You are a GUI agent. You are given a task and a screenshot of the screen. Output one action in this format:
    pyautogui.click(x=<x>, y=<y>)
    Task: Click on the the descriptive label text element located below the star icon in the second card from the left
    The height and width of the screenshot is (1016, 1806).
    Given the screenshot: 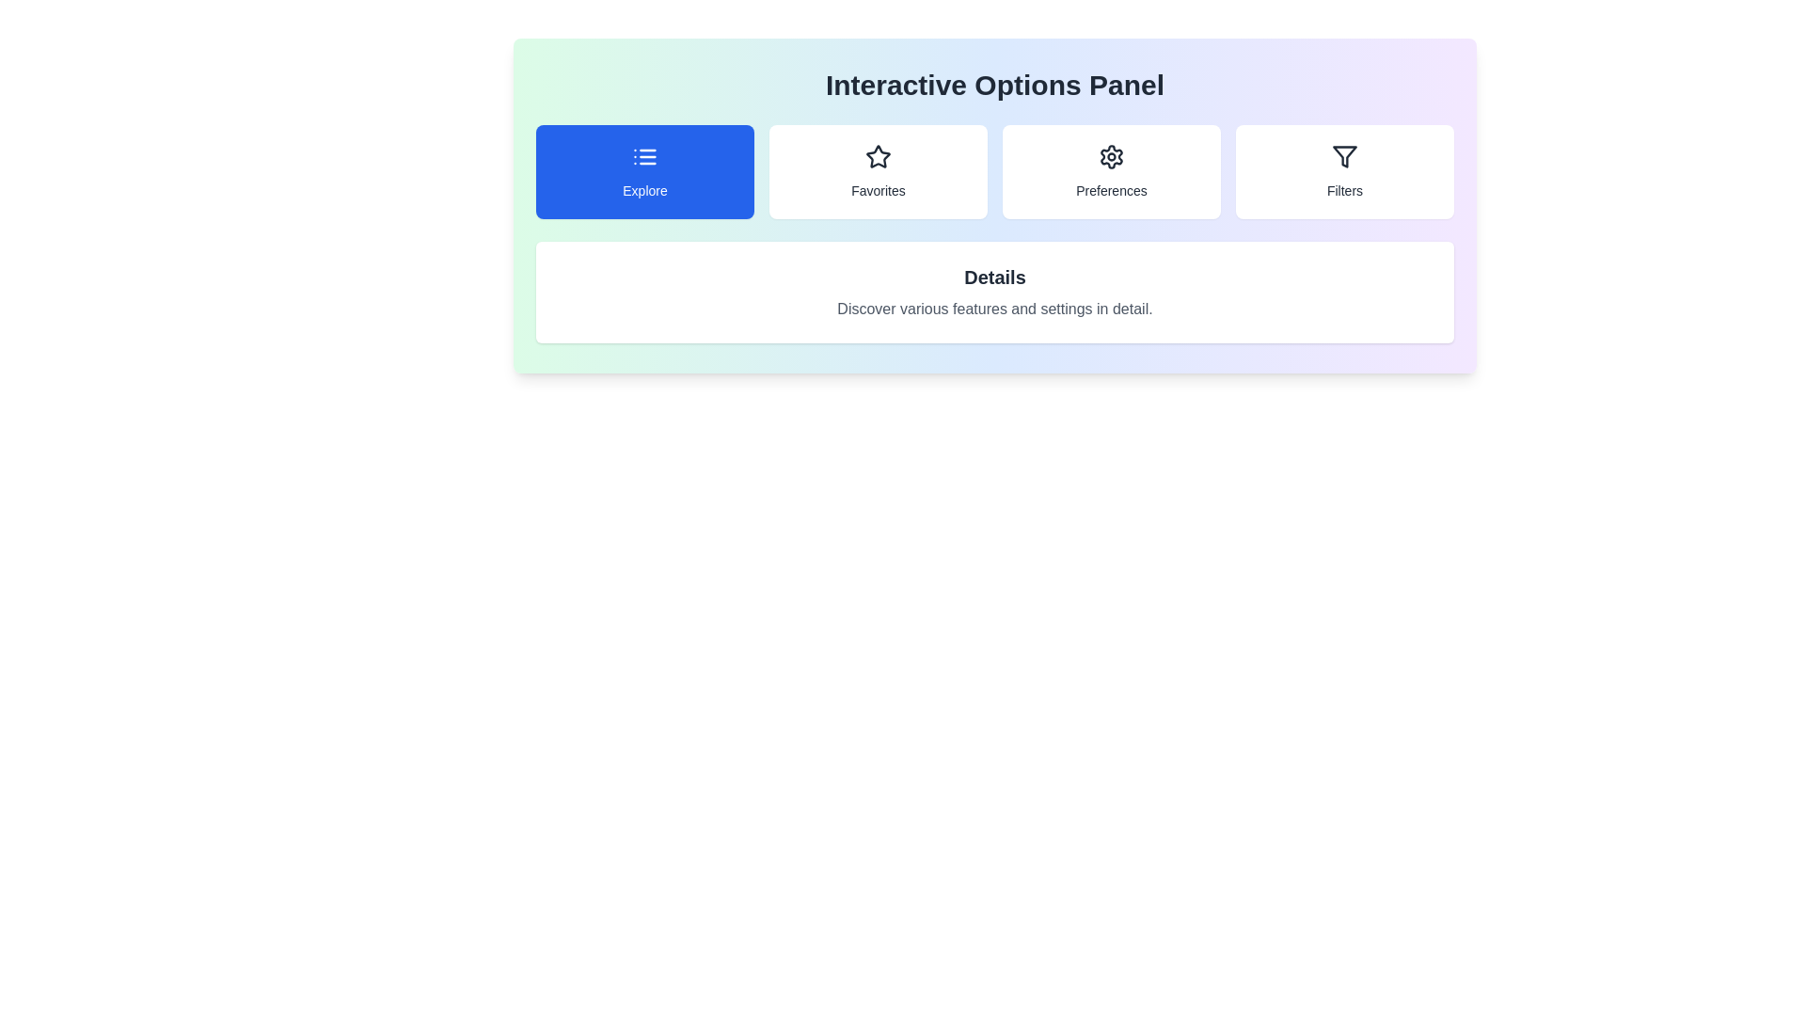 What is the action you would take?
    pyautogui.click(x=878, y=191)
    